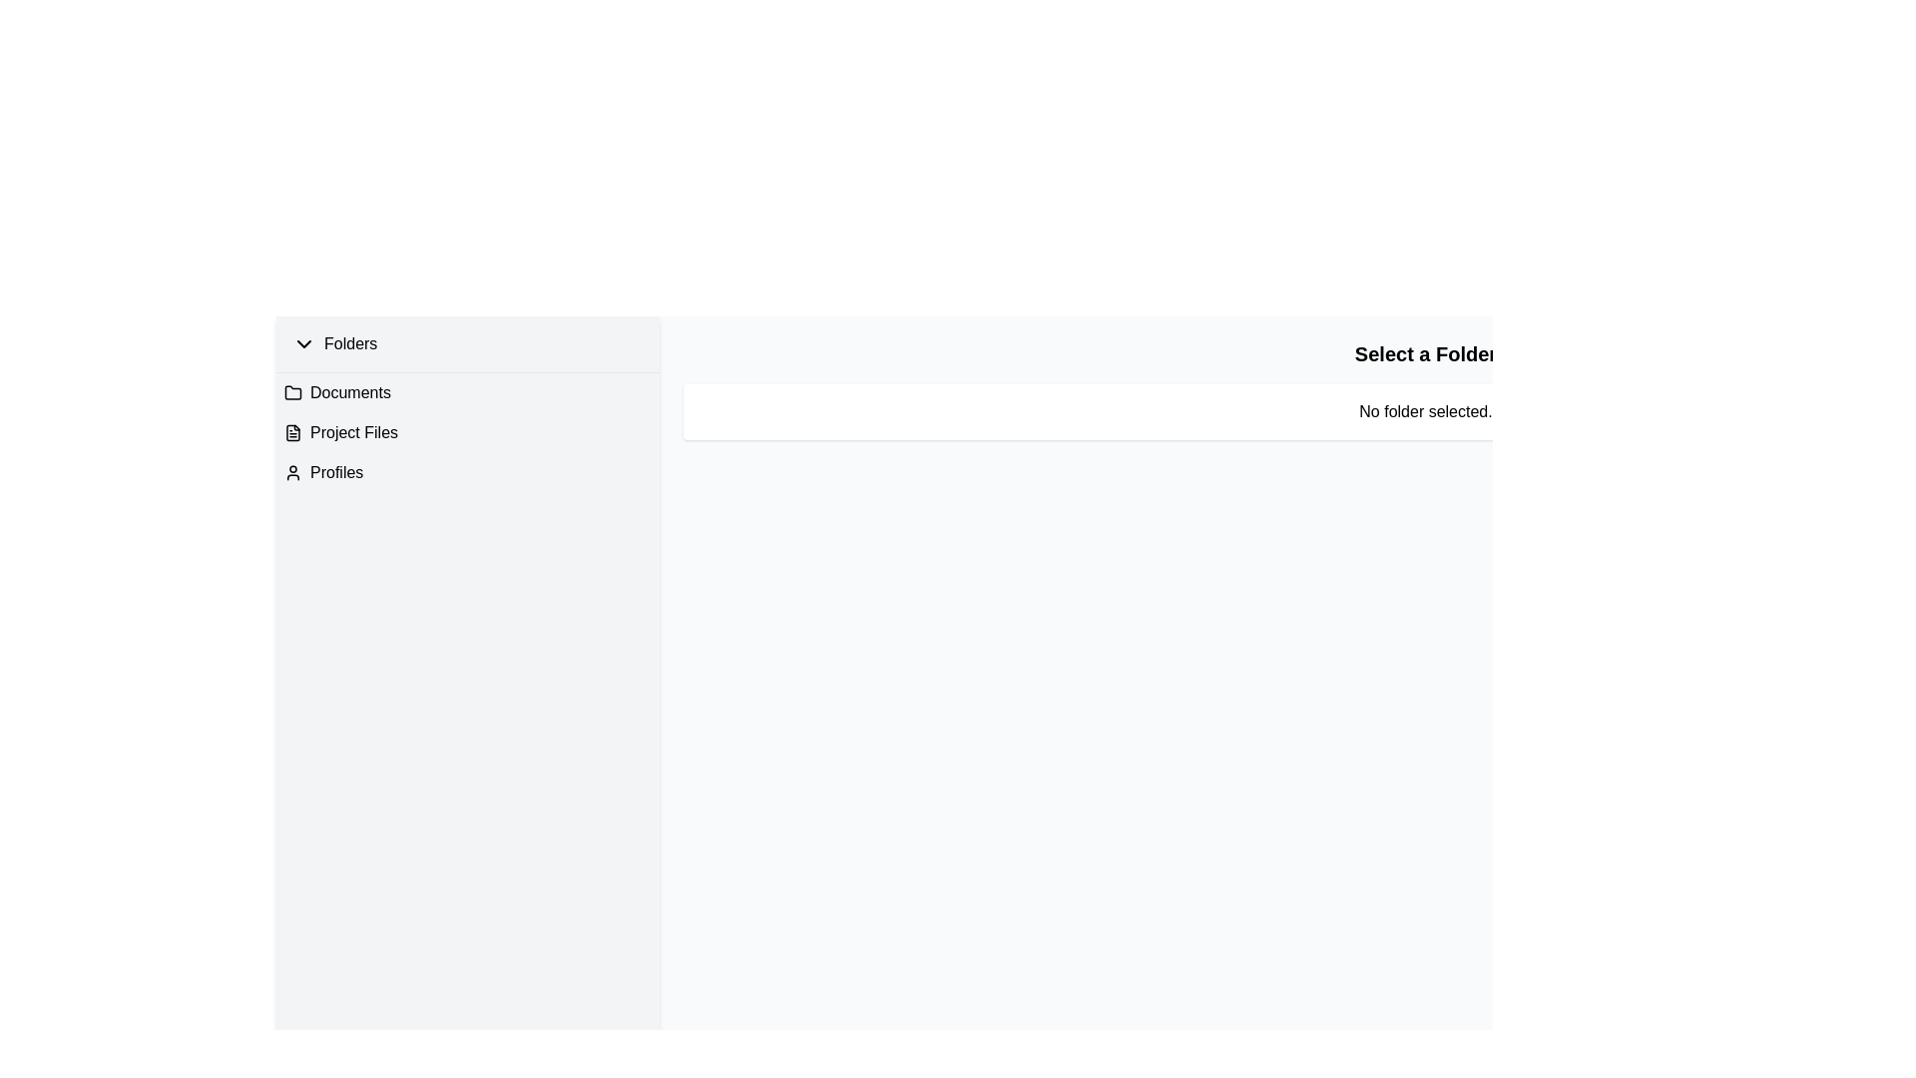  I want to click on the interactive text label identifying the 'Documents' folder, so click(350, 392).